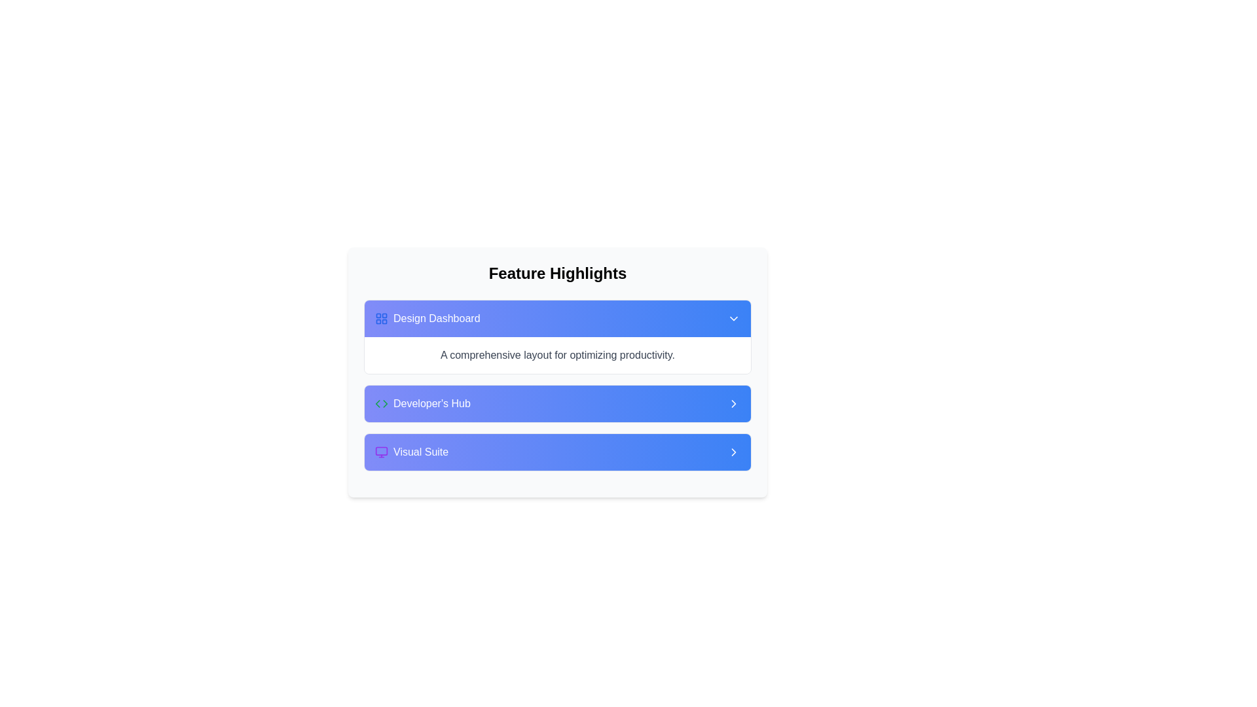 This screenshot has width=1257, height=707. What do you see at coordinates (380, 318) in the screenshot?
I see `the blue grid icon styled as a 2x2 arrangement of squares located to the left of the 'Design Dashboard' text` at bounding box center [380, 318].